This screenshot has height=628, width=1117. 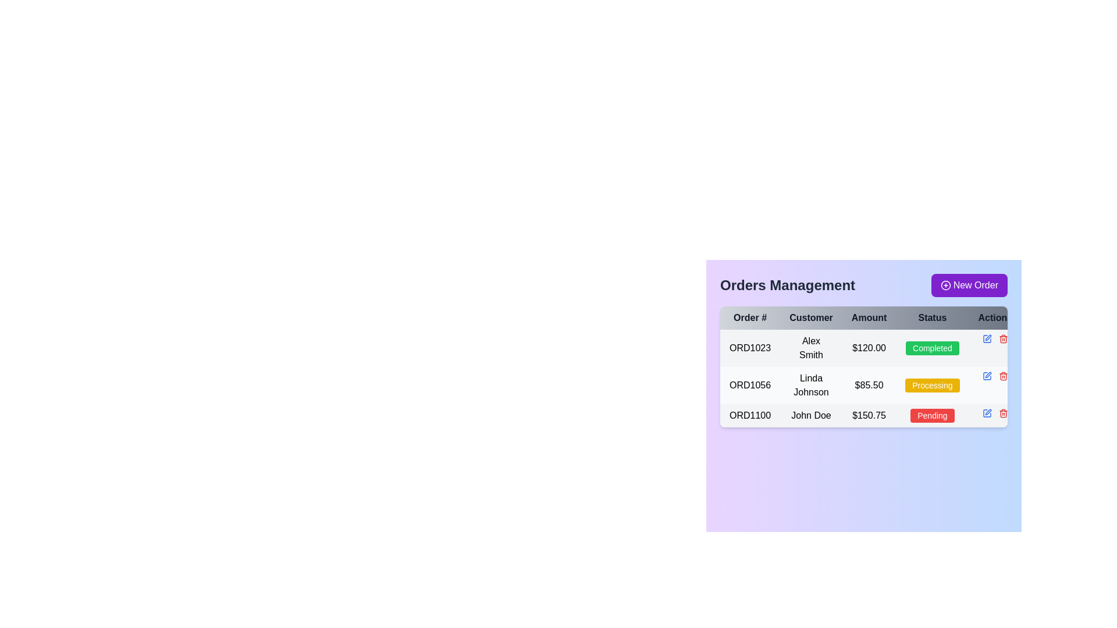 What do you see at coordinates (932, 415) in the screenshot?
I see `the 'Pending' status badge with a red background in the 'Status' column of the 'Orders Management' table associated with 'John Doe' and order ID 'ORD1100'` at bounding box center [932, 415].